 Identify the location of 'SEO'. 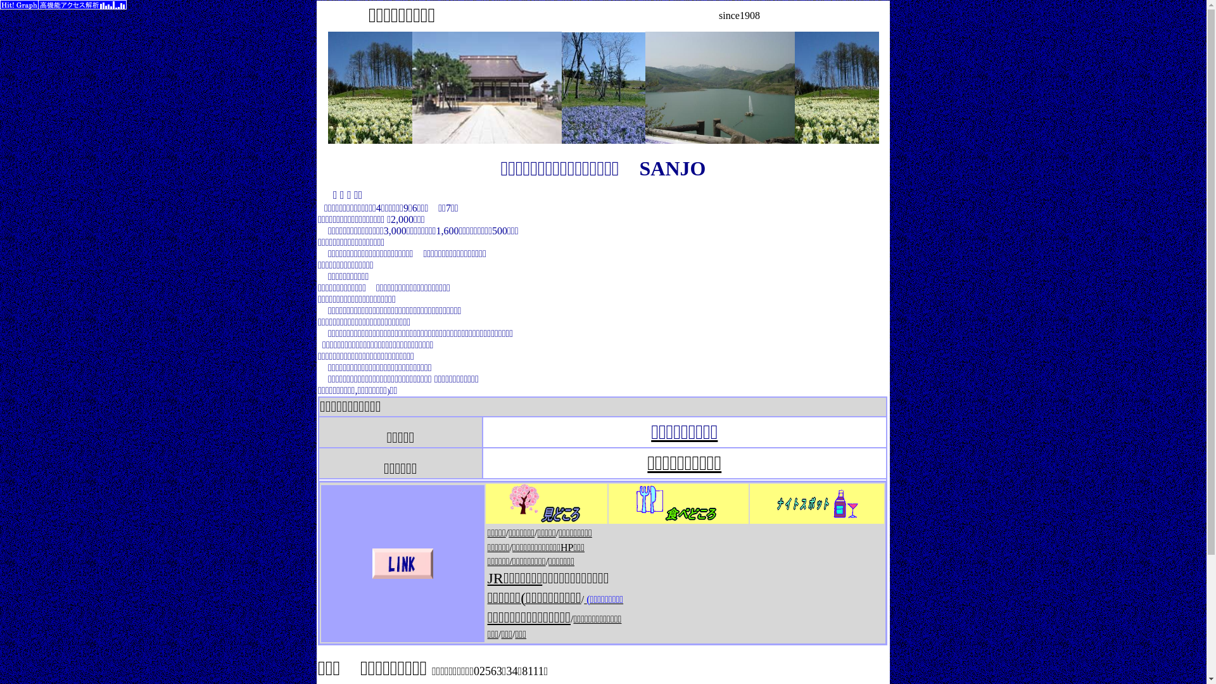
(63, 15).